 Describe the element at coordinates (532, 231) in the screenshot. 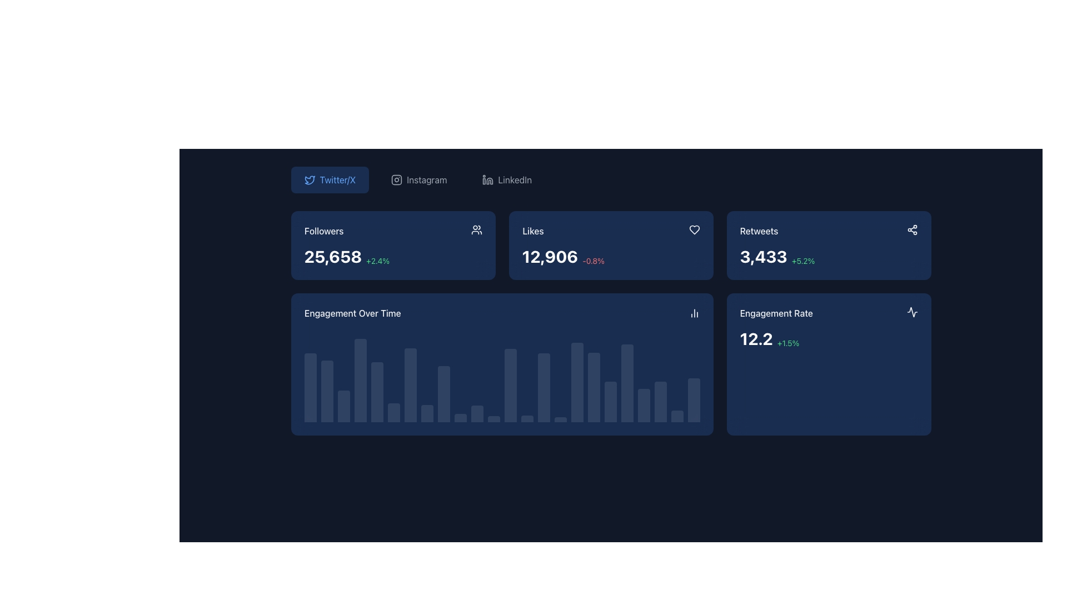

I see `the 'Likes' label in the statistics card, which is positioned to the left of the numeric value '12,906' and above the percentage change indicator '-0.8%'` at that location.